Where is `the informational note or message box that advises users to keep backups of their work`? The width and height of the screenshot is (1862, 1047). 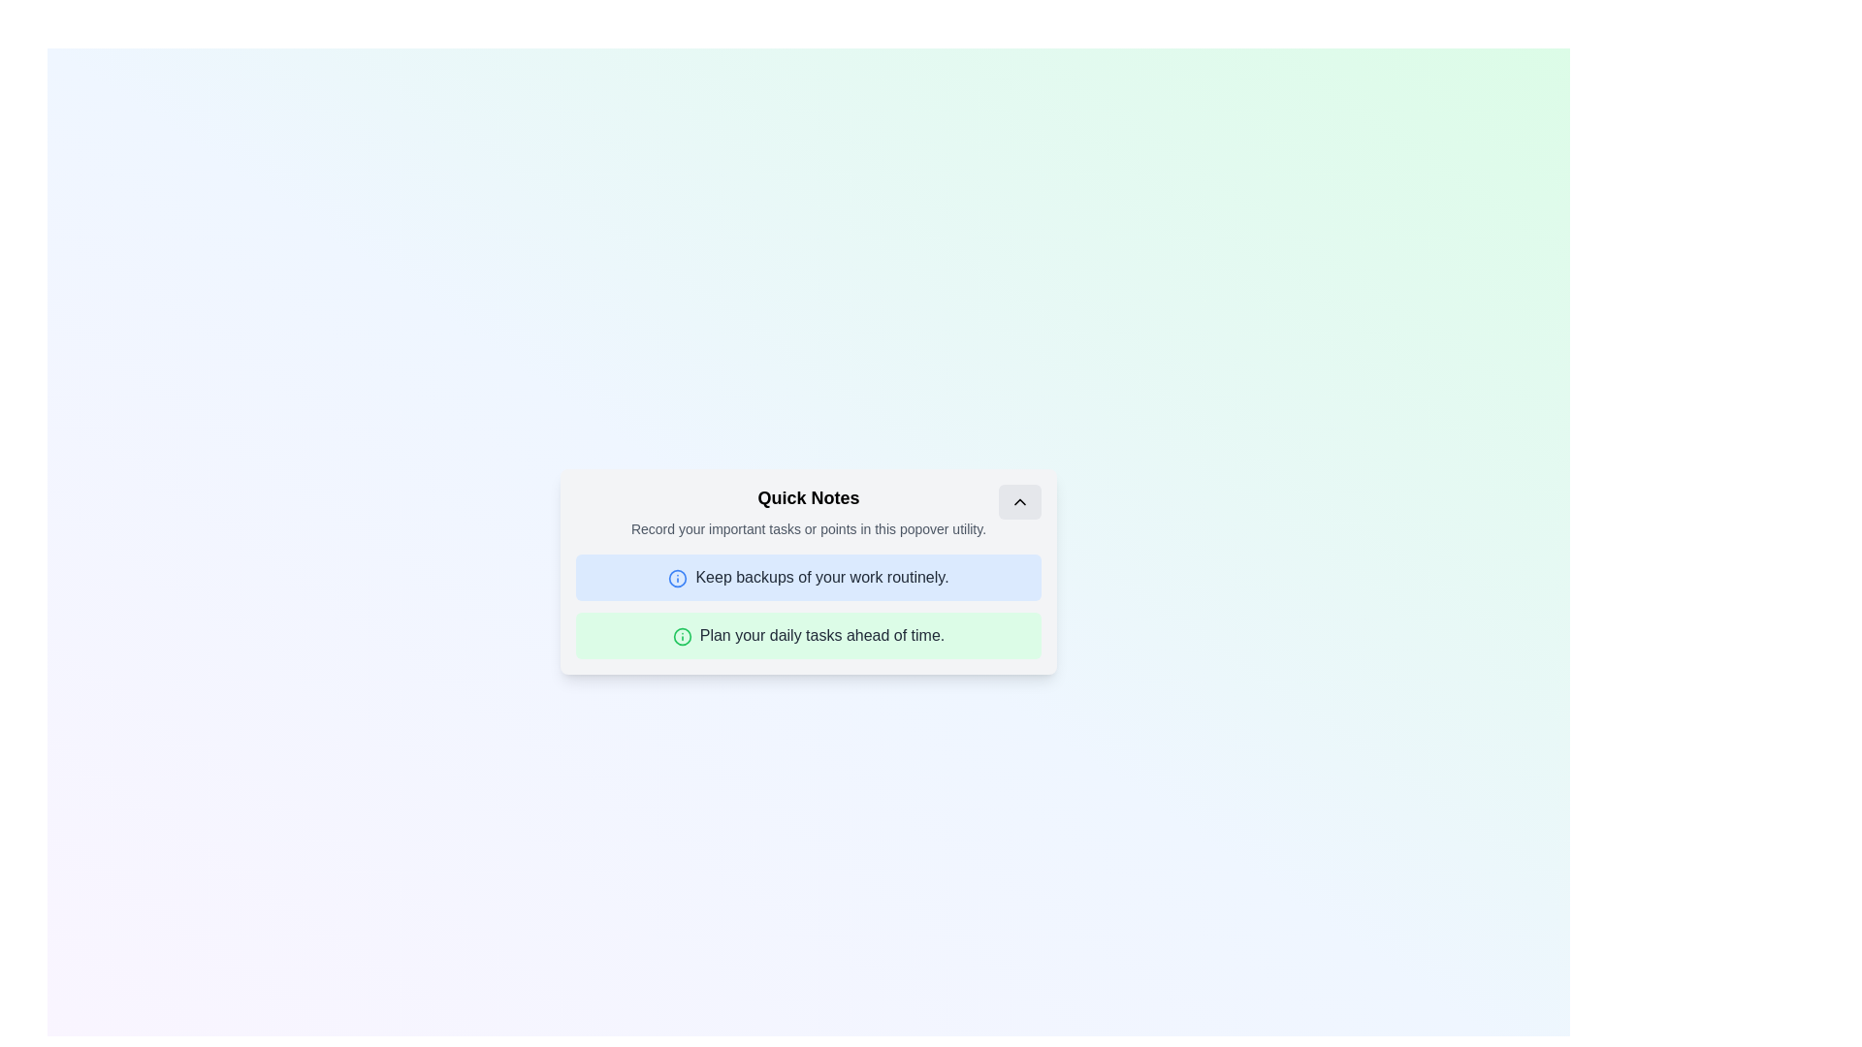
the informational note or message box that advises users to keep backups of their work is located at coordinates (809, 577).